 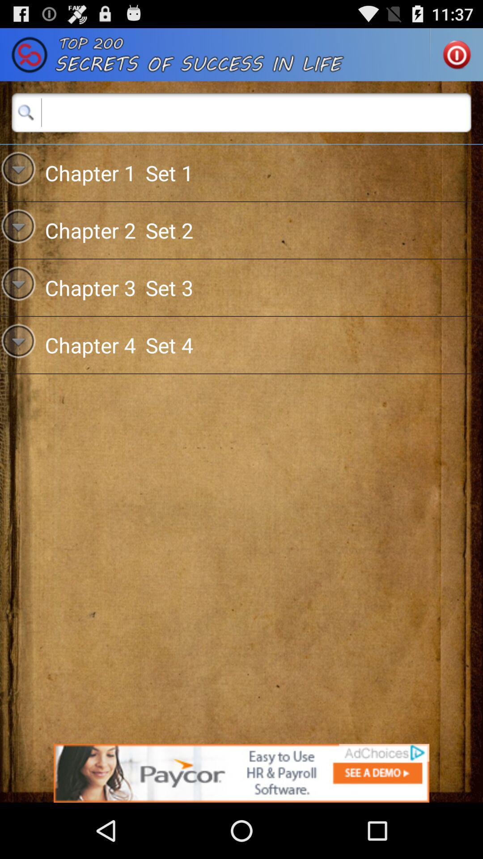 What do you see at coordinates (241, 112) in the screenshot?
I see `search bar` at bounding box center [241, 112].